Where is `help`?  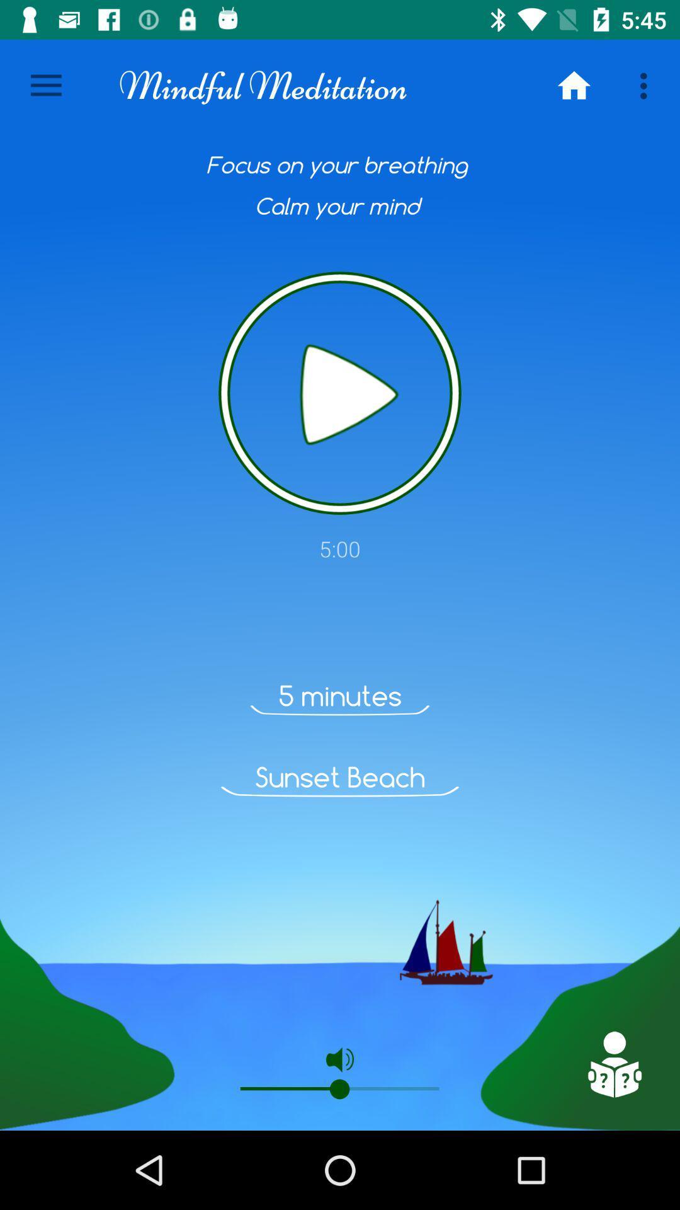
help is located at coordinates (613, 1064).